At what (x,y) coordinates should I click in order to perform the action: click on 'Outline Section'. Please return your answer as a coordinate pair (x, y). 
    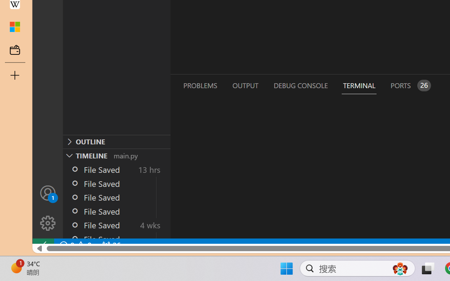
    Looking at the image, I should click on (116, 142).